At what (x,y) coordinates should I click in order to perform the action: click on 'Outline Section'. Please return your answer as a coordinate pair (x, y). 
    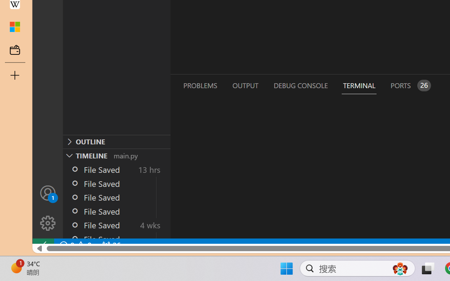
    Looking at the image, I should click on (116, 142).